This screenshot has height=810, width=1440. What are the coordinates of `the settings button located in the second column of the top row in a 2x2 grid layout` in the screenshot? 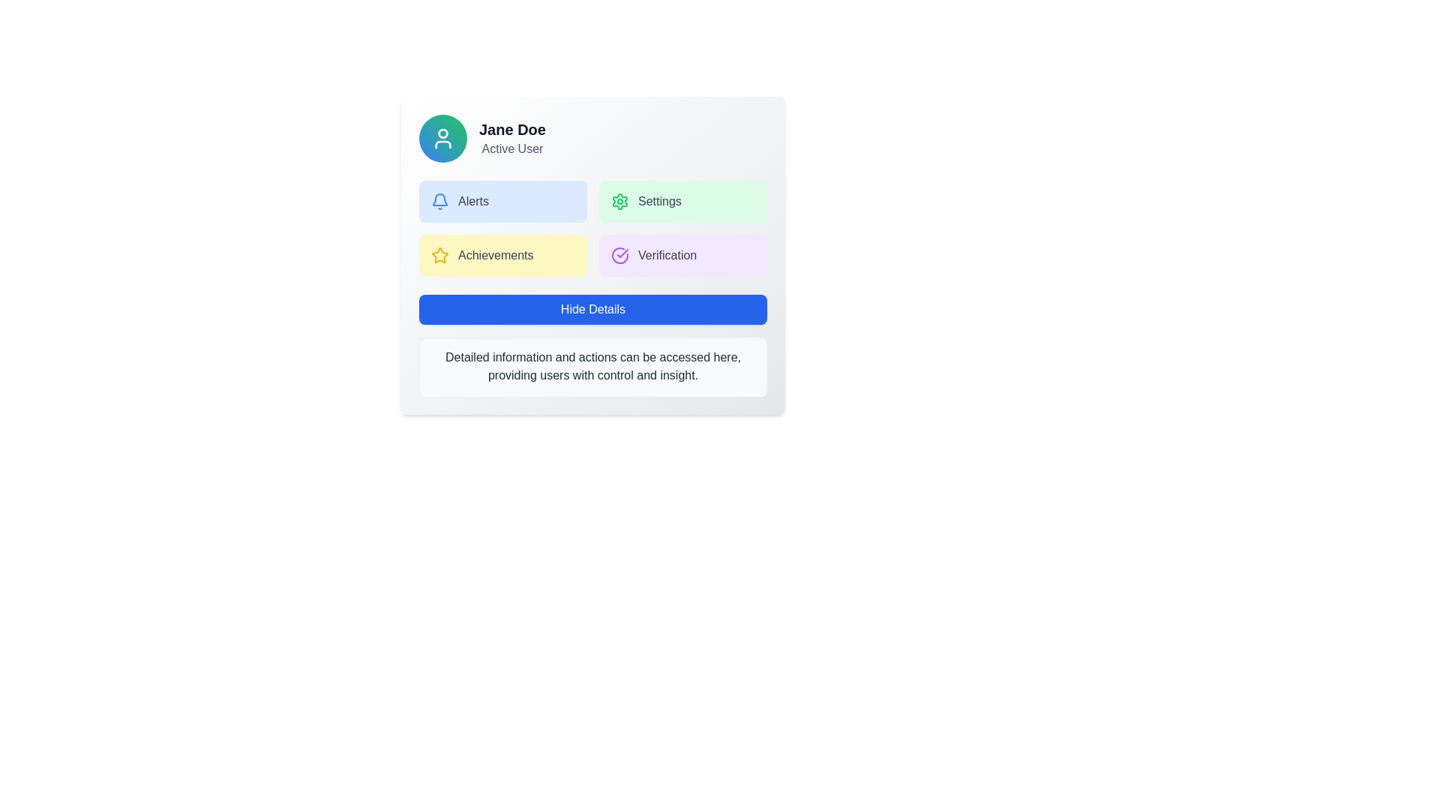 It's located at (682, 201).